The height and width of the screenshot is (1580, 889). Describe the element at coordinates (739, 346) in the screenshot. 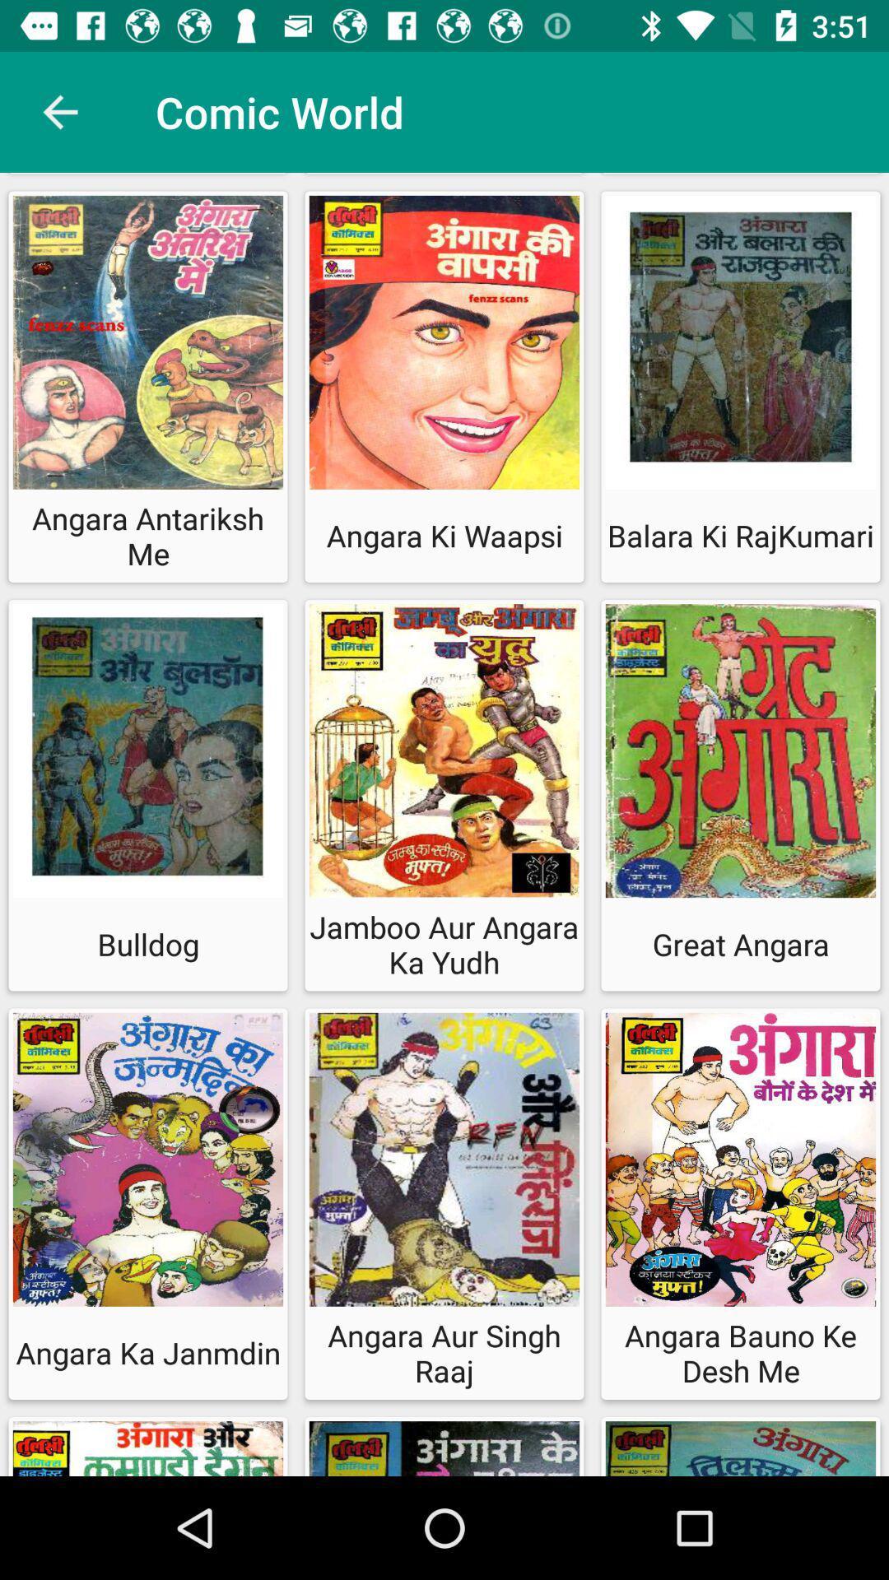

I see `the third image of first row` at that location.